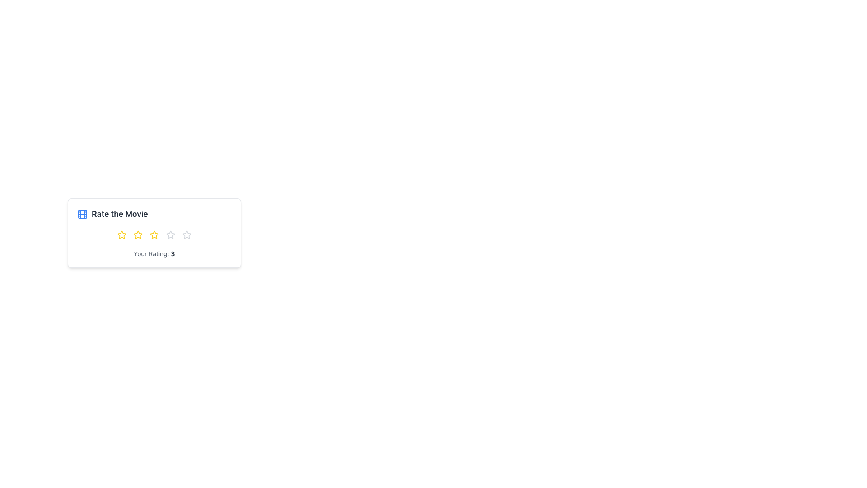 Image resolution: width=867 pixels, height=488 pixels. Describe the element at coordinates (154, 235) in the screenshot. I see `the third star icon with a yellow outline` at that location.